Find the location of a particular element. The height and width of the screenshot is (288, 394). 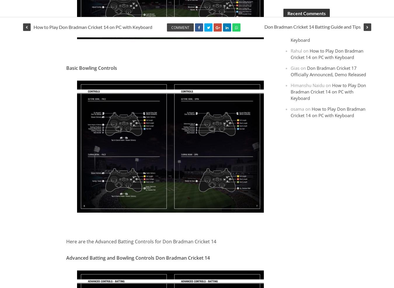

'Comment' is located at coordinates (180, 27).